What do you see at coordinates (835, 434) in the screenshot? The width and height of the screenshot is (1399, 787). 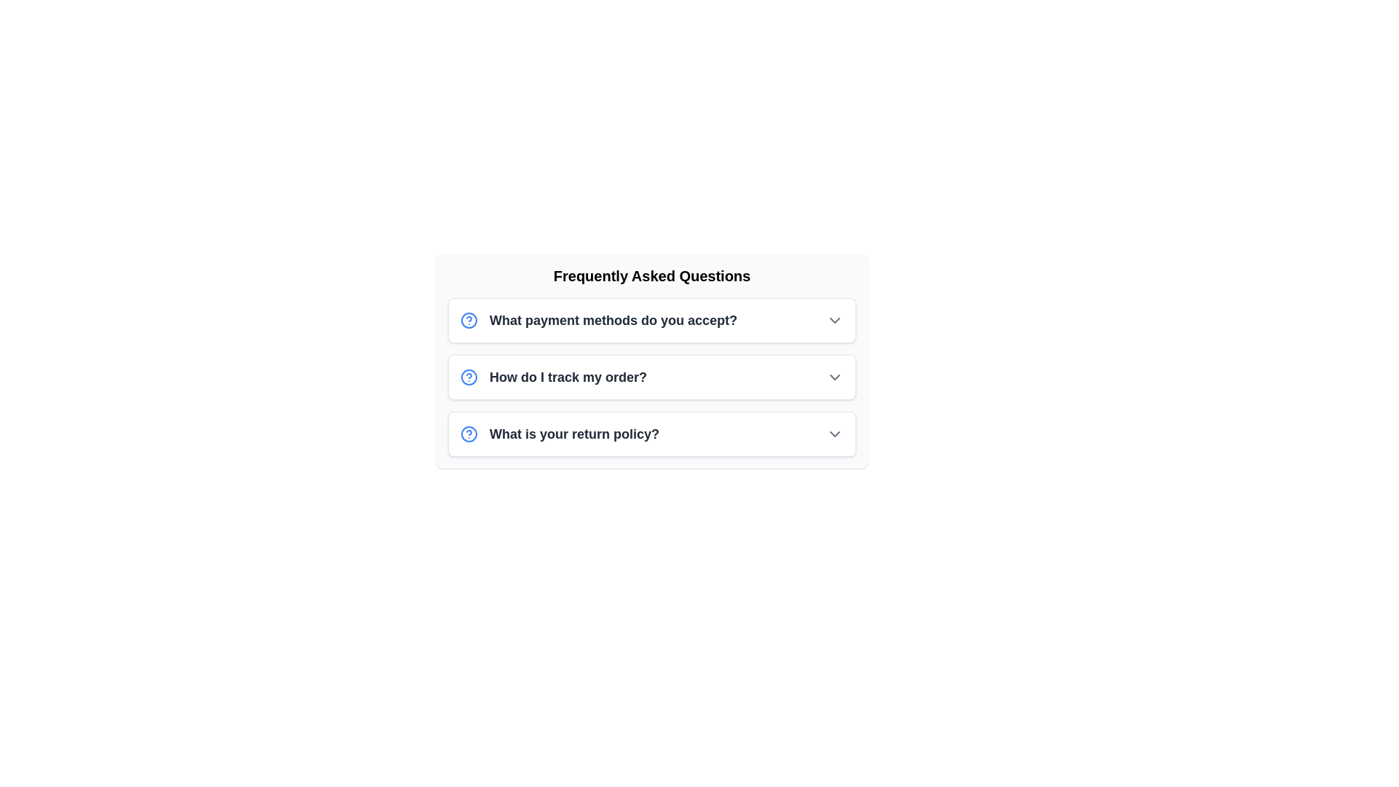 I see `the downward-pointing chevron icon styled as an SVG graphic located at the far right end of the row labeled 'What is your return policy?' to trigger potential visual feedback` at bounding box center [835, 434].